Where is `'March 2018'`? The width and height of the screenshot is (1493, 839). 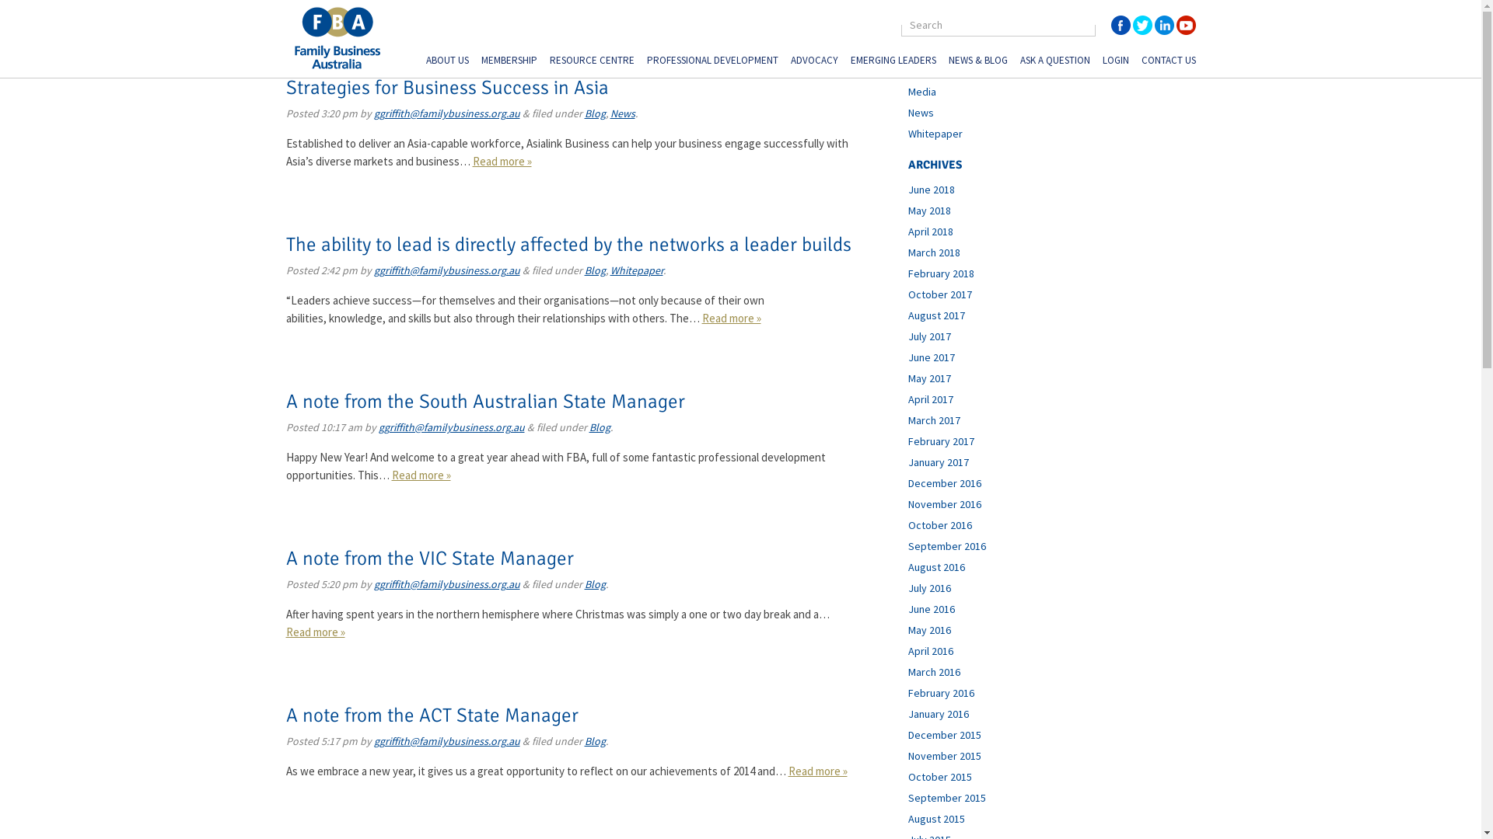
'March 2018' is located at coordinates (907, 251).